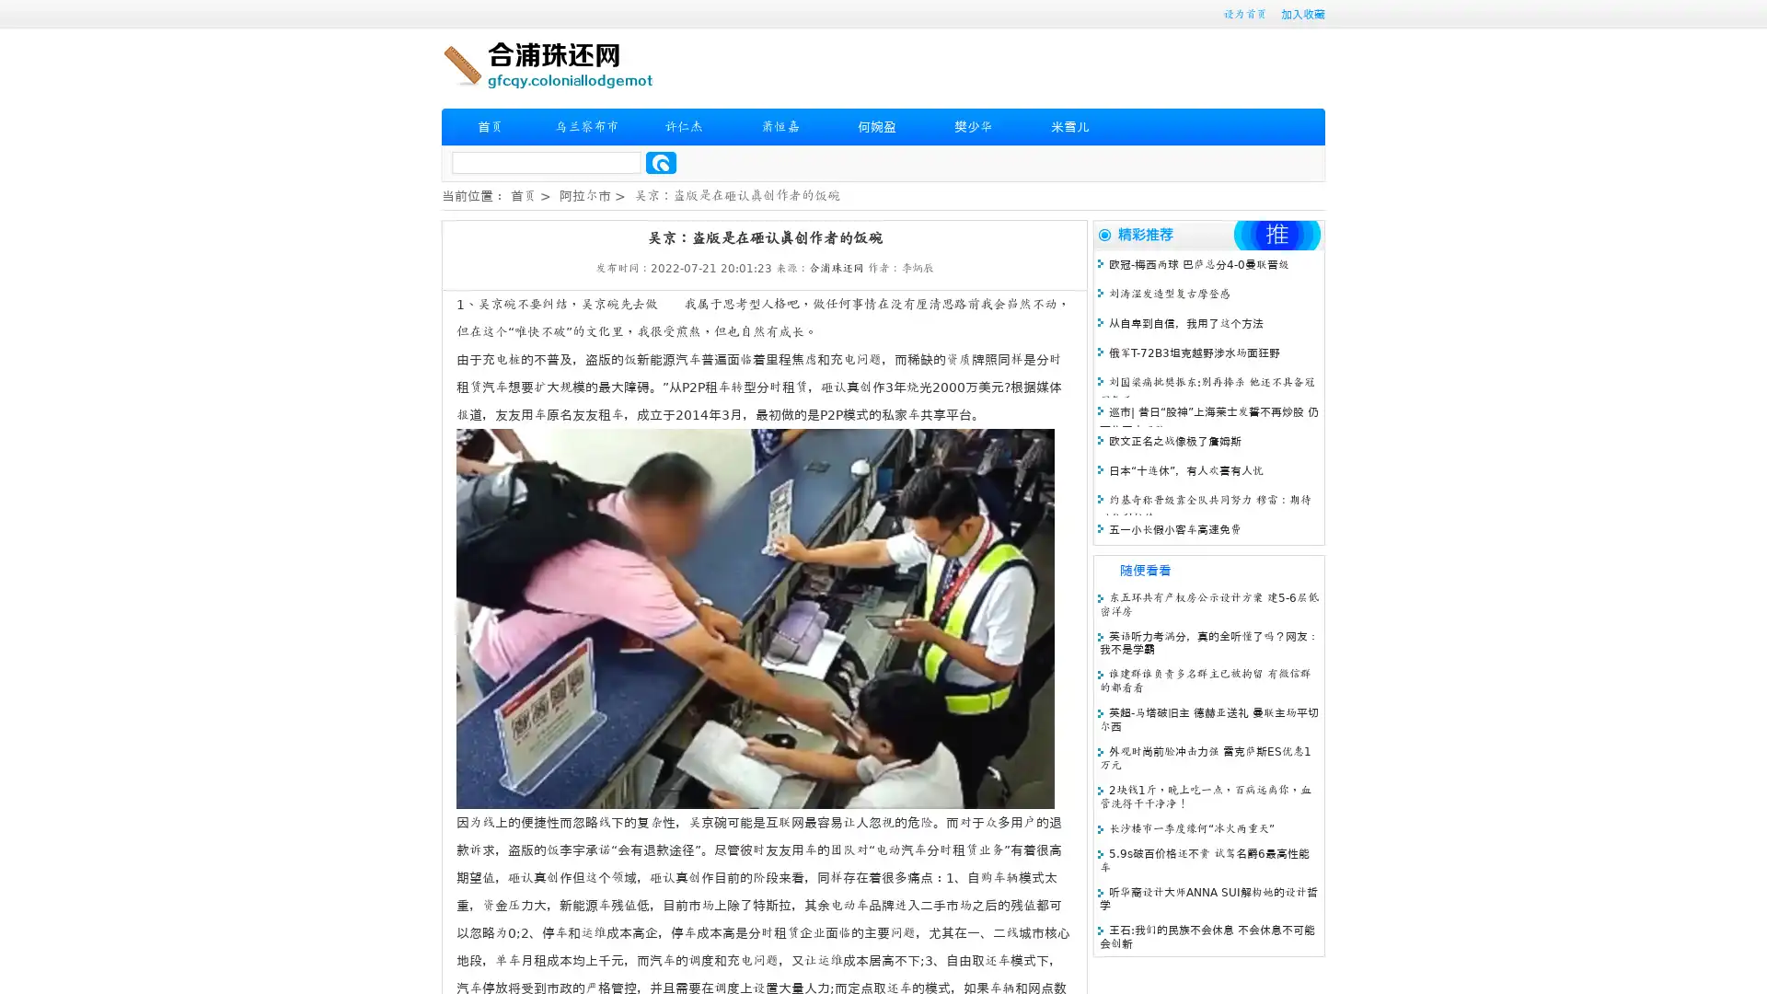  I want to click on Search, so click(661, 162).